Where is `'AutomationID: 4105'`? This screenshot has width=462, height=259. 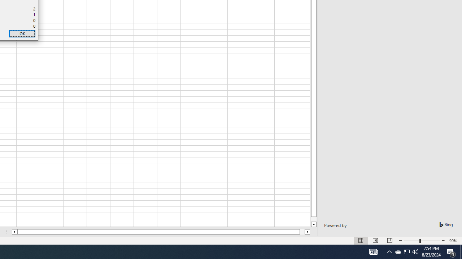 'AutomationID: 4105' is located at coordinates (373, 251).